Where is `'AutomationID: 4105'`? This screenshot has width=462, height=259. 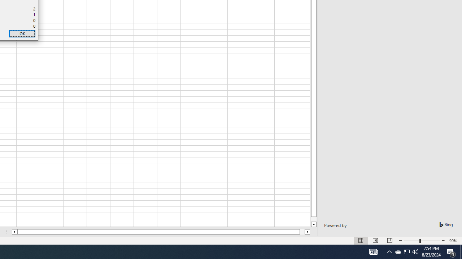 'AutomationID: 4105' is located at coordinates (373, 251).